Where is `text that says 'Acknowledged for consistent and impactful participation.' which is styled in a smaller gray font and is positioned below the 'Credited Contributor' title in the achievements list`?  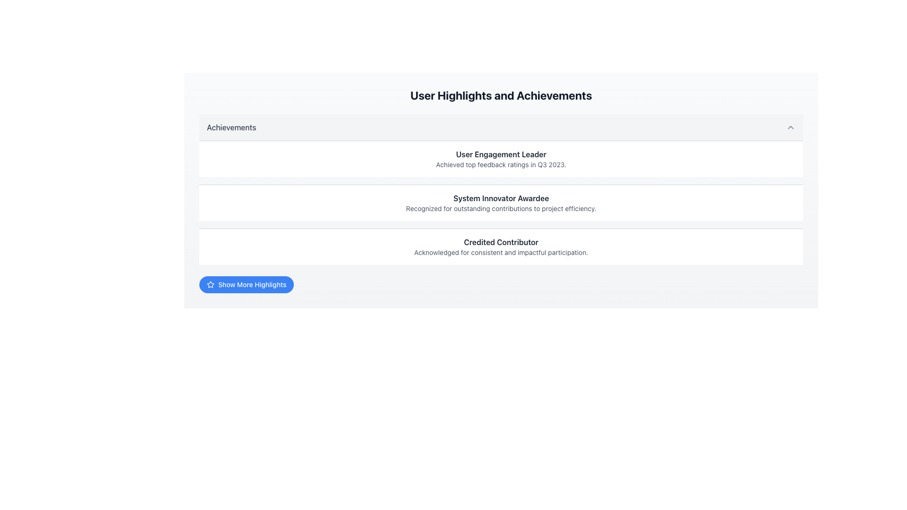
text that says 'Acknowledged for consistent and impactful participation.' which is styled in a smaller gray font and is positioned below the 'Credited Contributor' title in the achievements list is located at coordinates (500, 252).